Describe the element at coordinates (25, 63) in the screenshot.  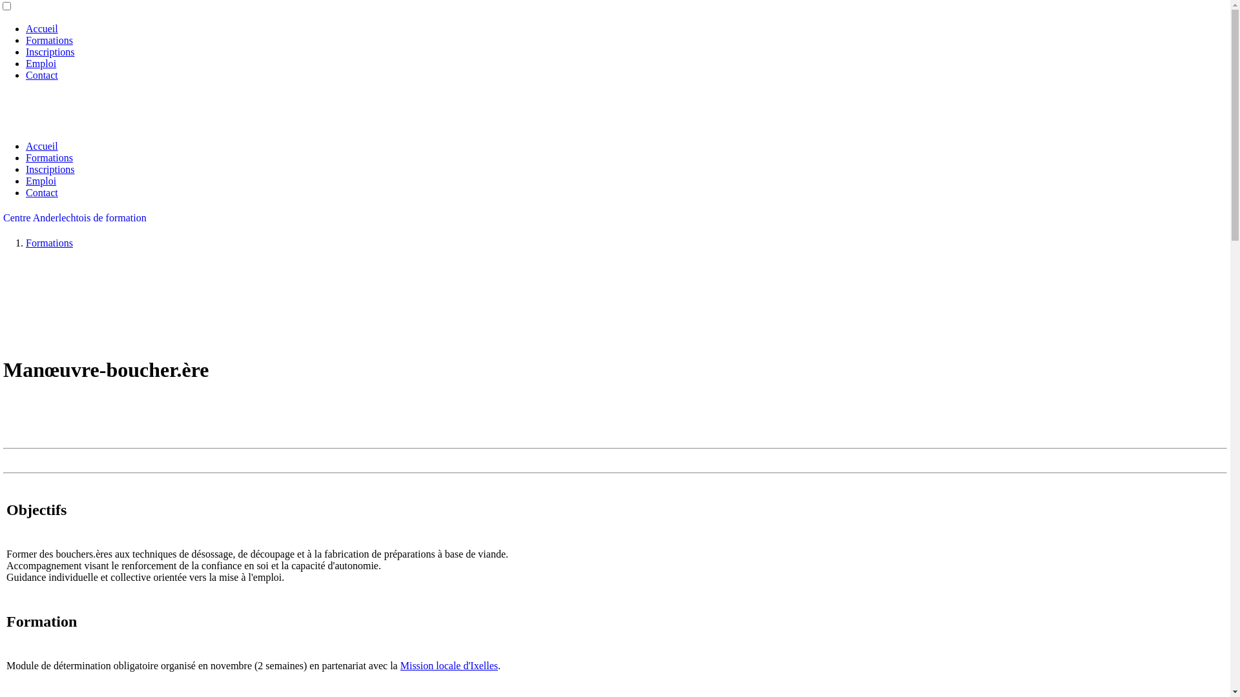
I see `'Emploi'` at that location.